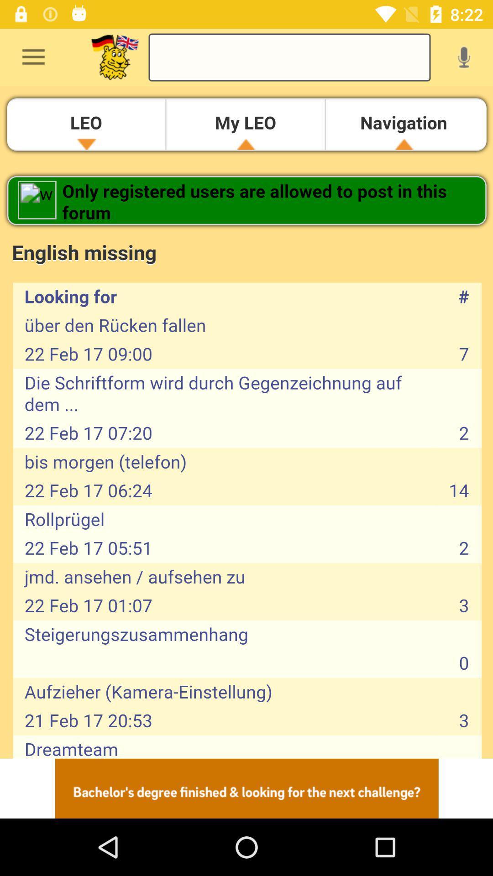 This screenshot has width=493, height=876. Describe the element at coordinates (289, 57) in the screenshot. I see `text field` at that location.